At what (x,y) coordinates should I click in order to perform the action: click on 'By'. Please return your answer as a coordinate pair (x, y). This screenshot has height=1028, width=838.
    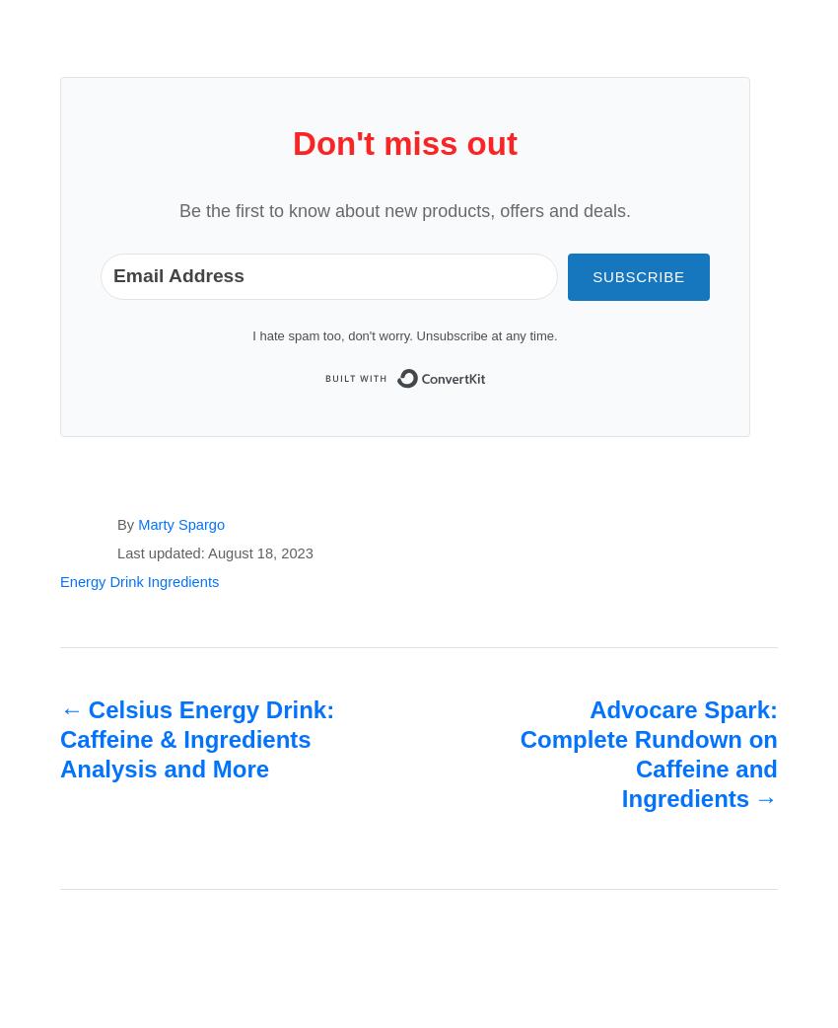
    Looking at the image, I should click on (116, 524).